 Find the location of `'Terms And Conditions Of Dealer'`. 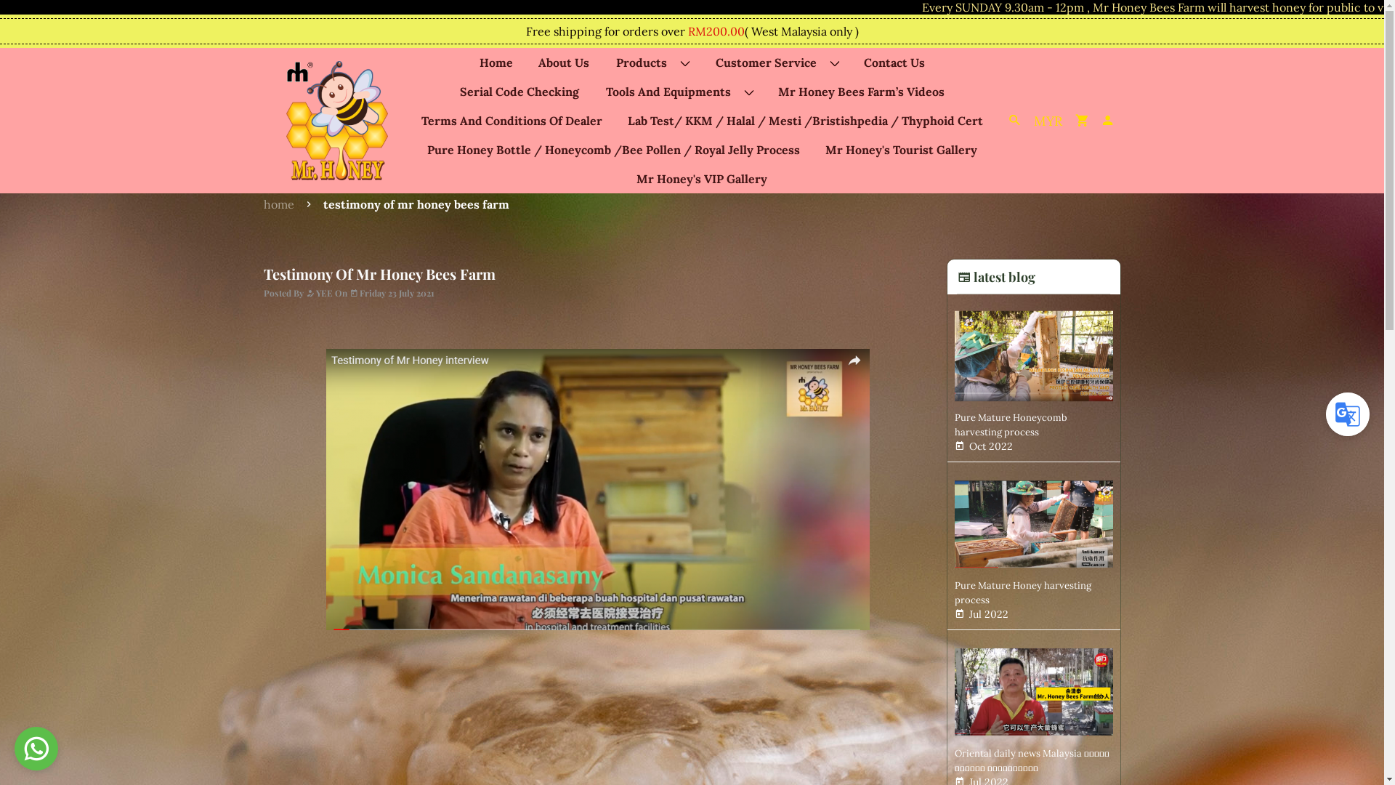

'Terms And Conditions Of Dealer' is located at coordinates (511, 119).